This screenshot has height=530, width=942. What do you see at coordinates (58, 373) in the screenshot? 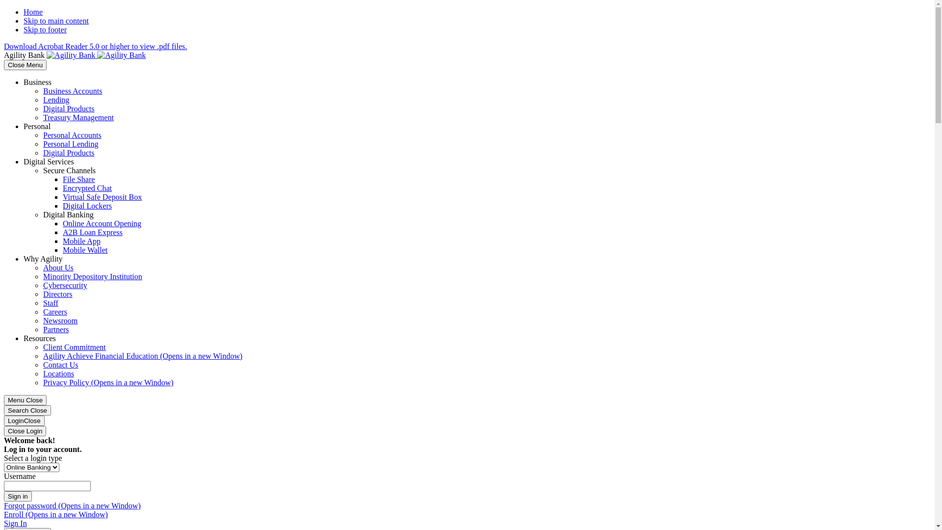
I see `'Locations'` at bounding box center [58, 373].